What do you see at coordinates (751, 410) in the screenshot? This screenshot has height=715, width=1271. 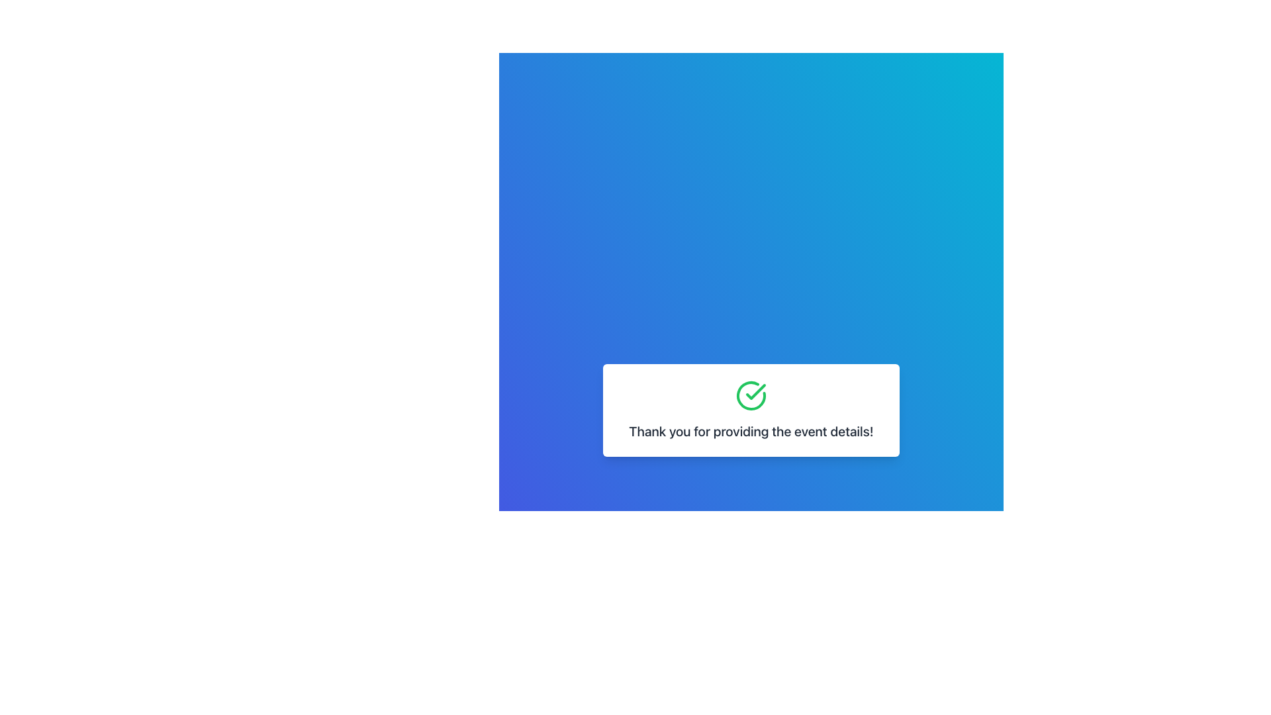 I see `the confirmation message element that consists of a green tick icon and text, indicating successful event detail submission` at bounding box center [751, 410].